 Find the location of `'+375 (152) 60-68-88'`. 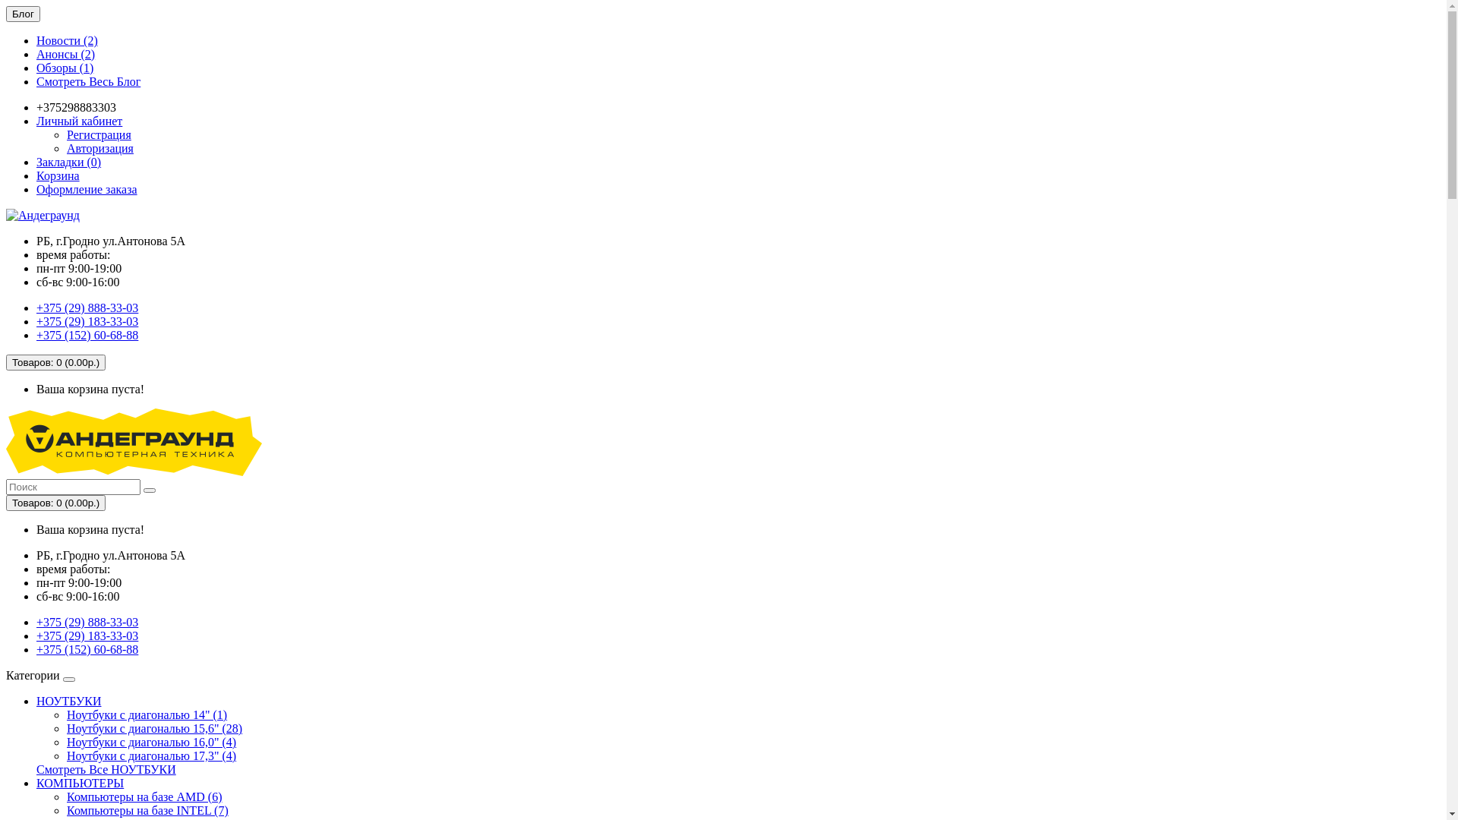

'+375 (152) 60-68-88' is located at coordinates (87, 649).